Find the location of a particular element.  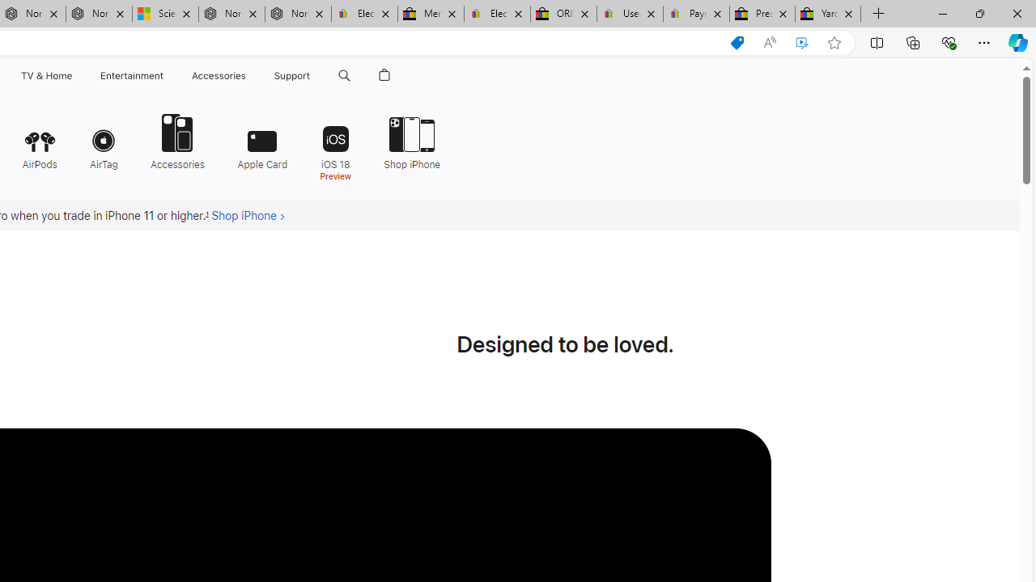

'AutomationID: globalnav-bag' is located at coordinates (384, 75).